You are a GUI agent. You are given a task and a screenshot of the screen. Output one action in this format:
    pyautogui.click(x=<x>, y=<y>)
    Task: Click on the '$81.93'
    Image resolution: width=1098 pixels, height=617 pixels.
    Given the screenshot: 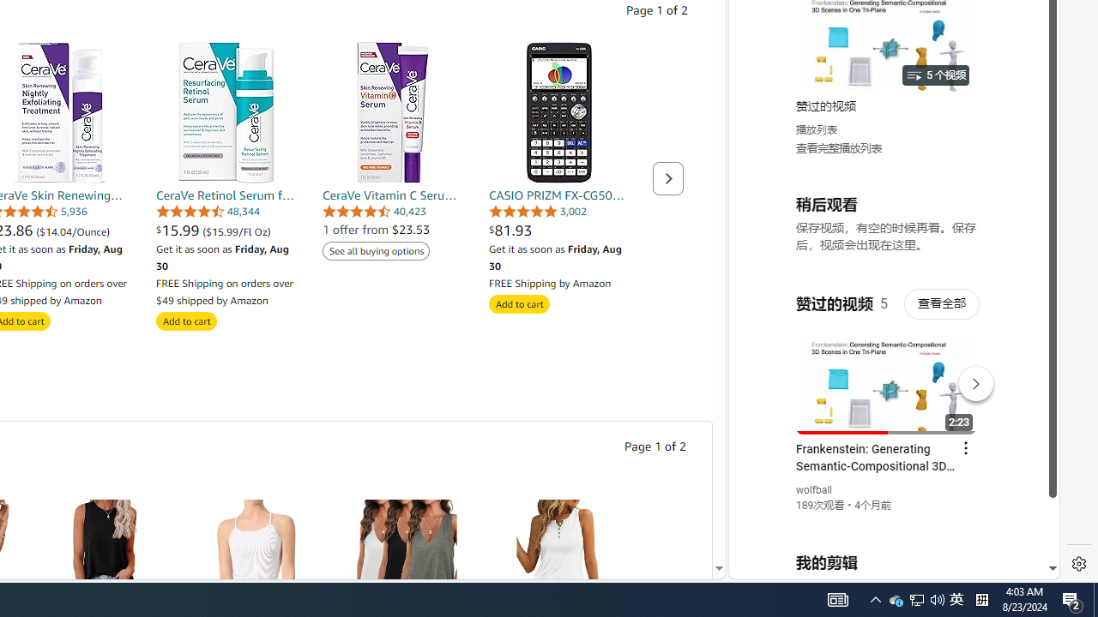 What is the action you would take?
    pyautogui.click(x=559, y=229)
    